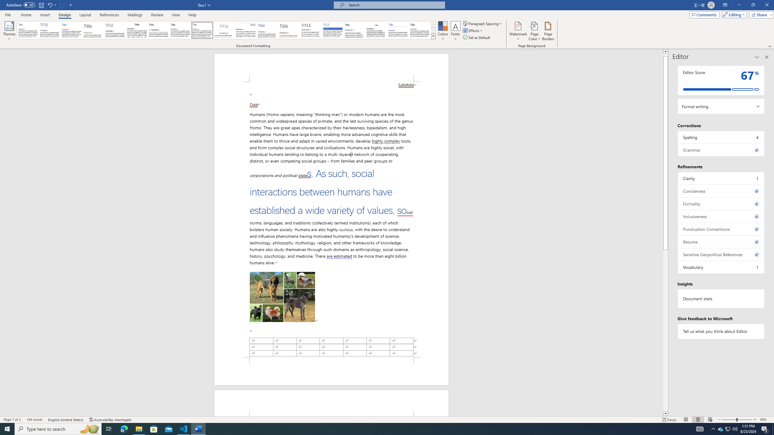 The image size is (774, 435). What do you see at coordinates (180, 30) in the screenshot?
I see `'Black & White (Word 2013)'` at bounding box center [180, 30].